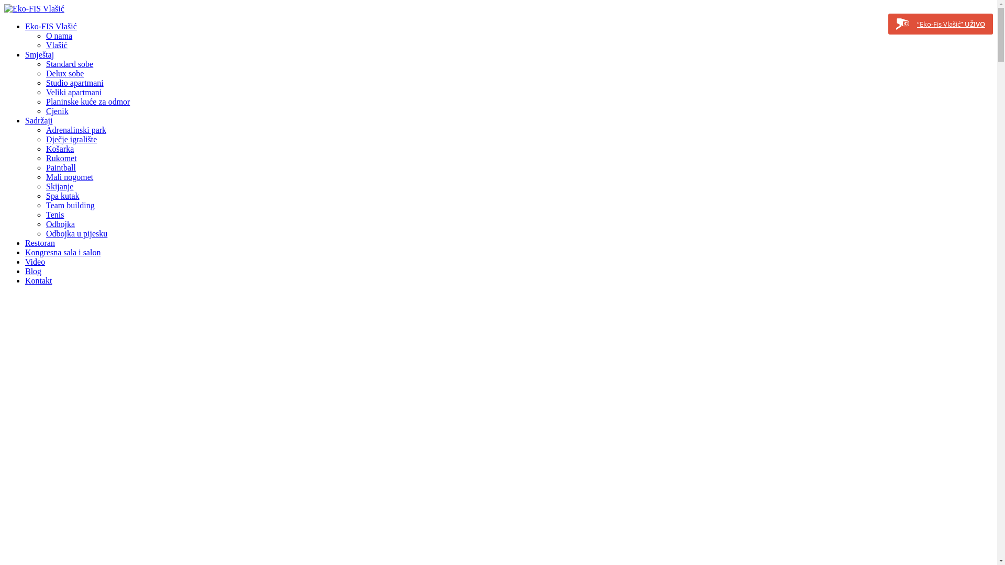 This screenshot has width=1005, height=565. I want to click on 'Mali nogomet', so click(45, 176).